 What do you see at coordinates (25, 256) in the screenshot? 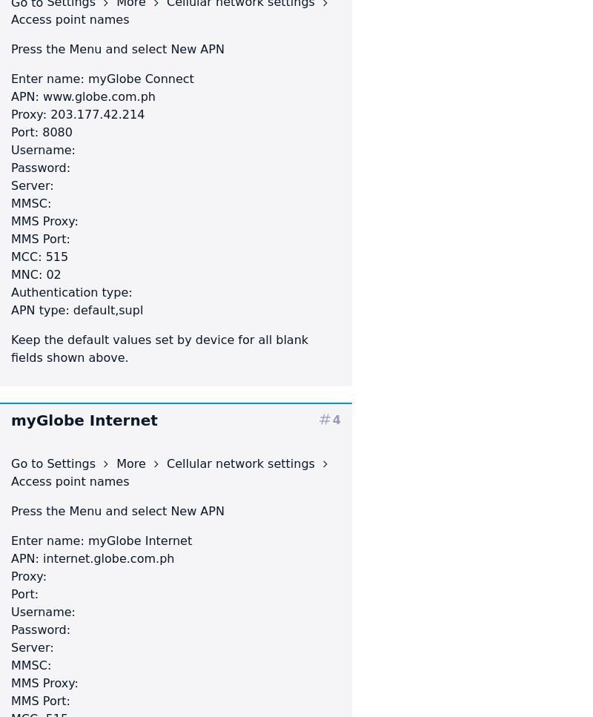
I see `'MCC:'` at bounding box center [25, 256].